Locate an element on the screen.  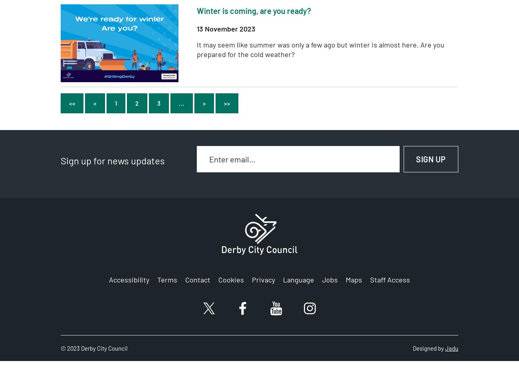
'Staff Access' is located at coordinates (389, 280).